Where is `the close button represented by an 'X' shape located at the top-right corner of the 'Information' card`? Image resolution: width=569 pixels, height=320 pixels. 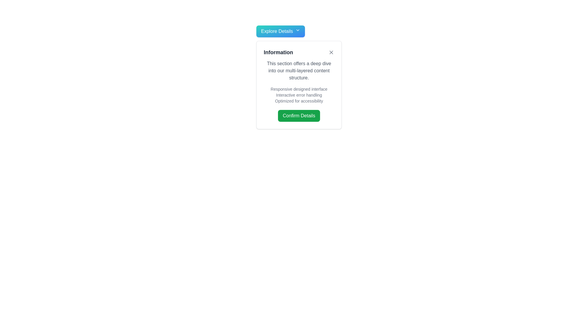 the close button represented by an 'X' shape located at the top-right corner of the 'Information' card is located at coordinates (331, 52).